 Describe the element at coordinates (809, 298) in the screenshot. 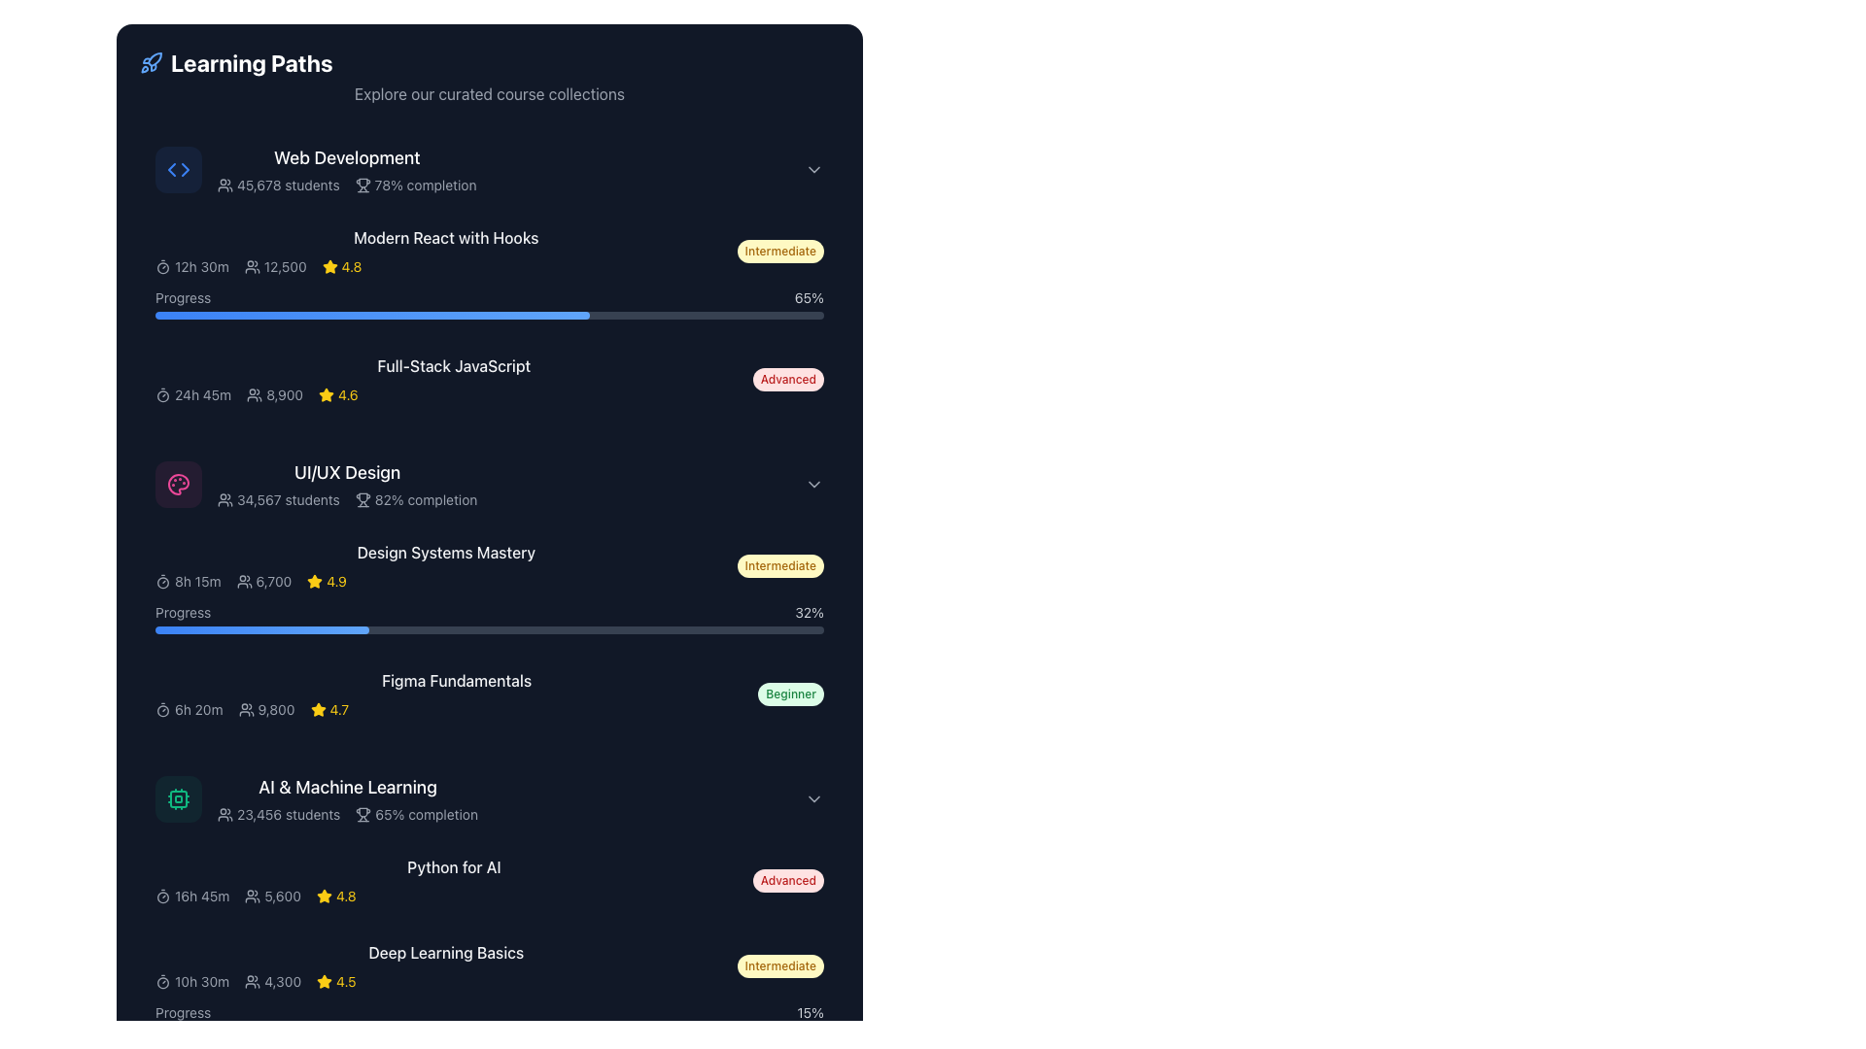

I see `value displayed by the progress indicator text label located at the top-right corner of the progress bar for the 'AI & Machine Learning' course` at that location.